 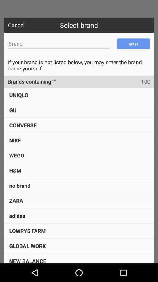 I want to click on icon below the if your brand icon, so click(x=29, y=81).